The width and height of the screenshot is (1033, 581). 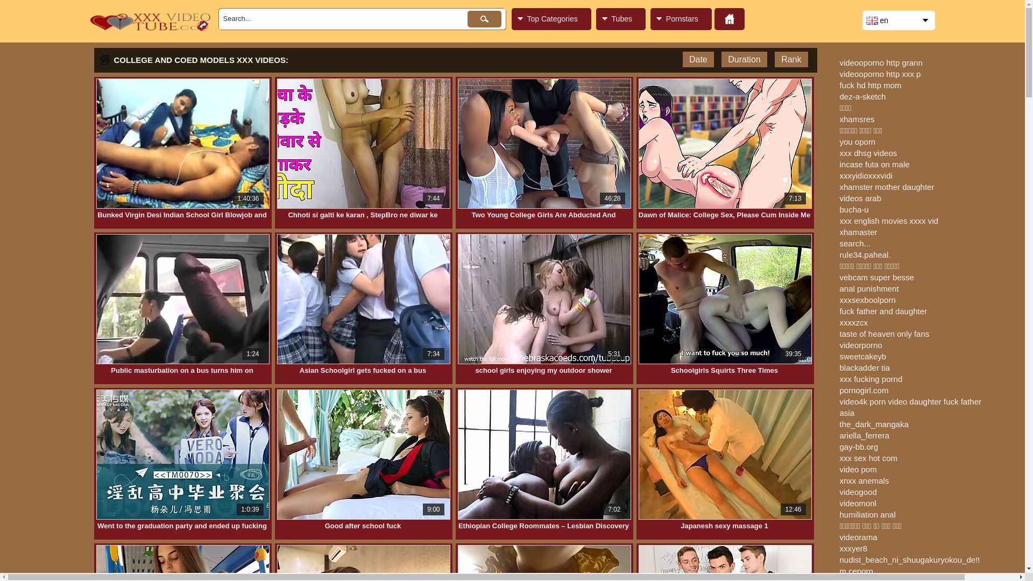 I want to click on 'videooporno http xxx p', so click(x=839, y=73).